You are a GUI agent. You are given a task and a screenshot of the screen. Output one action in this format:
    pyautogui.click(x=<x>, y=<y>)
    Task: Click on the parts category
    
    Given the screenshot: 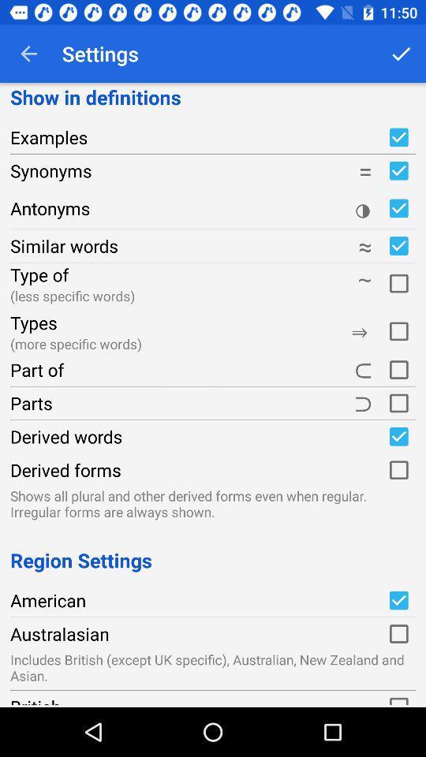 What is the action you would take?
    pyautogui.click(x=398, y=402)
    